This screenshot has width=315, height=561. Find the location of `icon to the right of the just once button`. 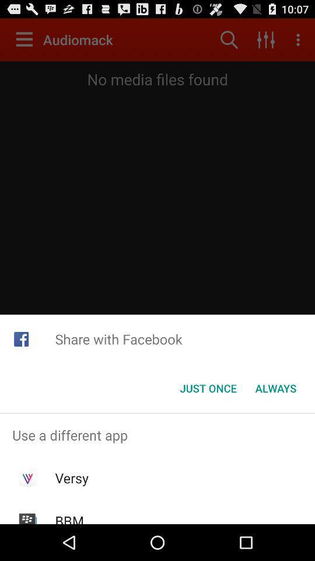

icon to the right of the just once button is located at coordinates (275, 388).